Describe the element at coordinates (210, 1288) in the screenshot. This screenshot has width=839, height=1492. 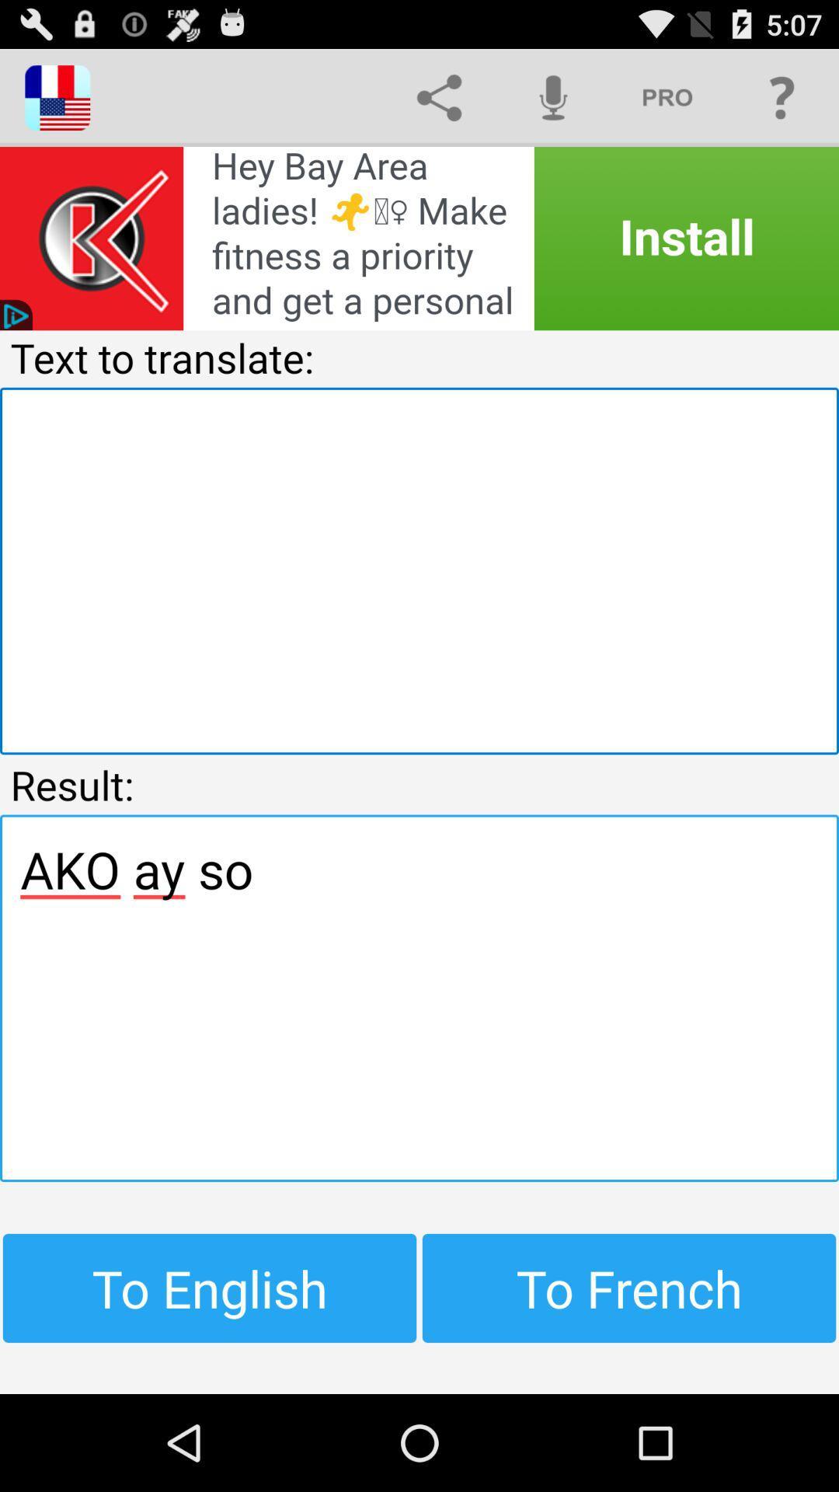
I see `to english at the bottom left corner` at that location.